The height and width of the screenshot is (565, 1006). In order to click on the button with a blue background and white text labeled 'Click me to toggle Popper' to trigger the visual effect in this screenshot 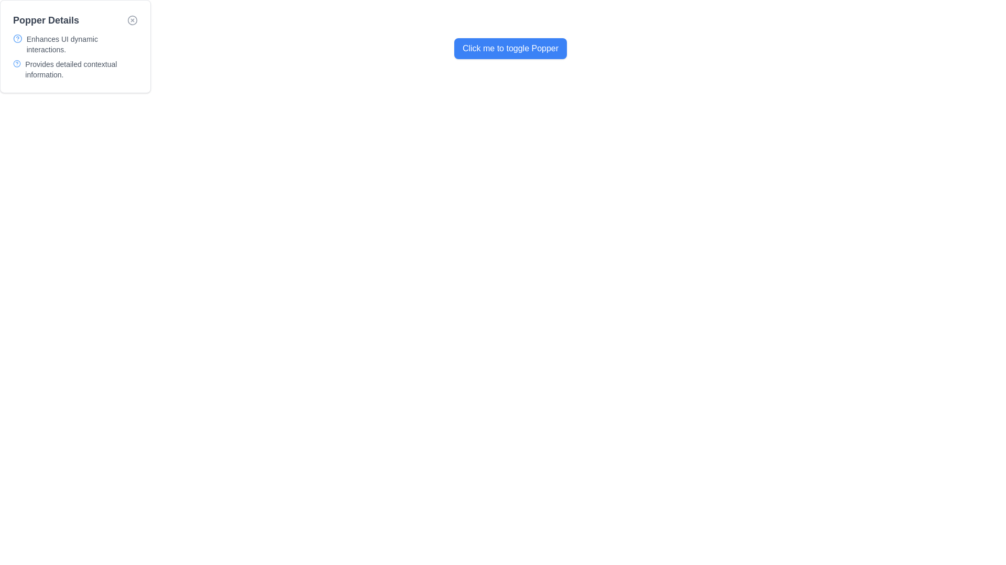, I will do `click(510, 48)`.